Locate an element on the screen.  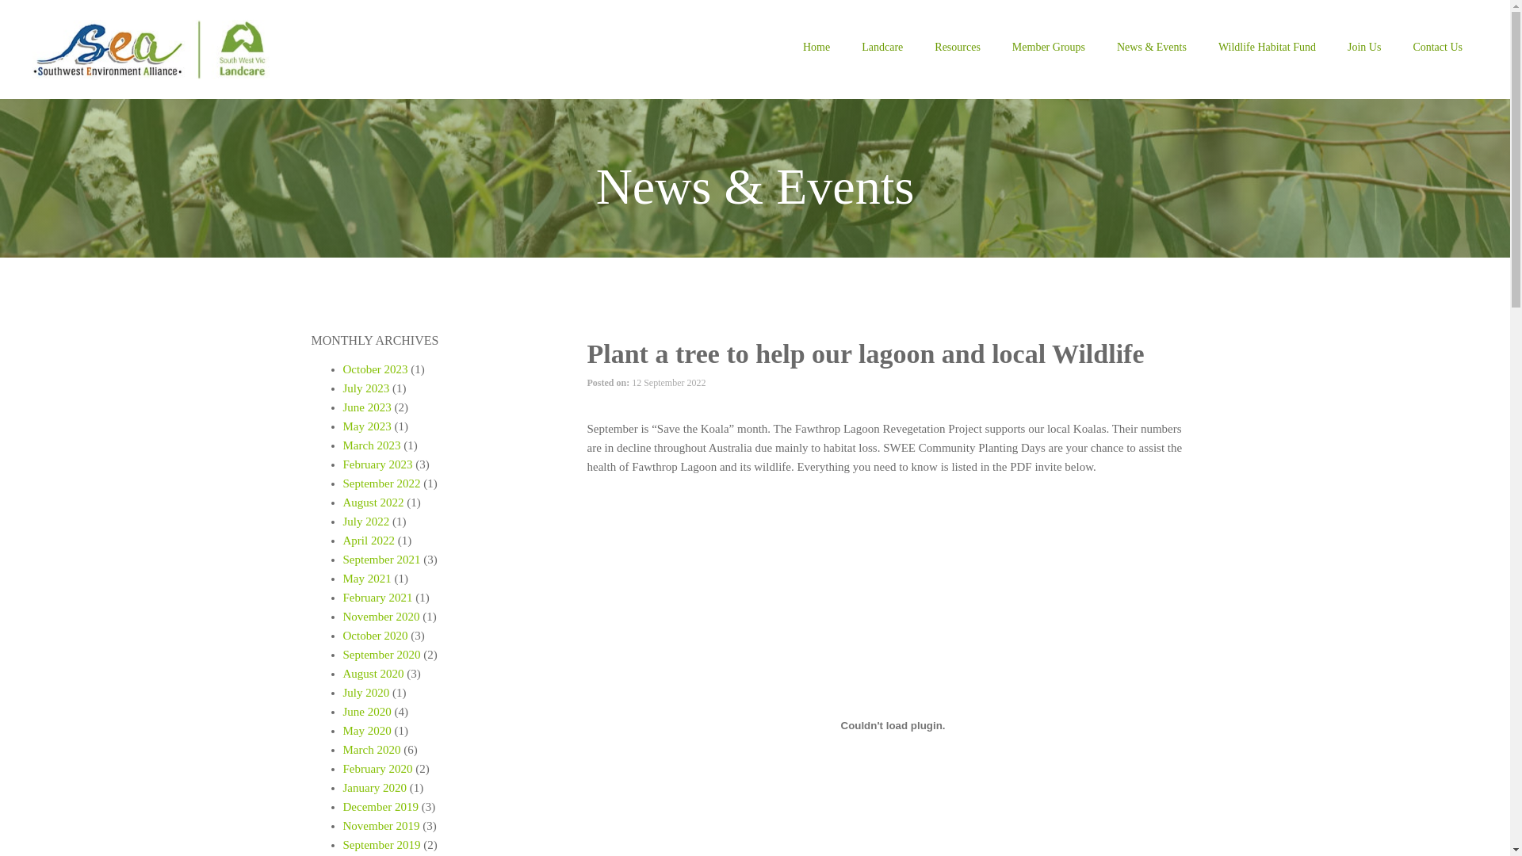
'Wildlife Habitat Fund' is located at coordinates (1202, 48).